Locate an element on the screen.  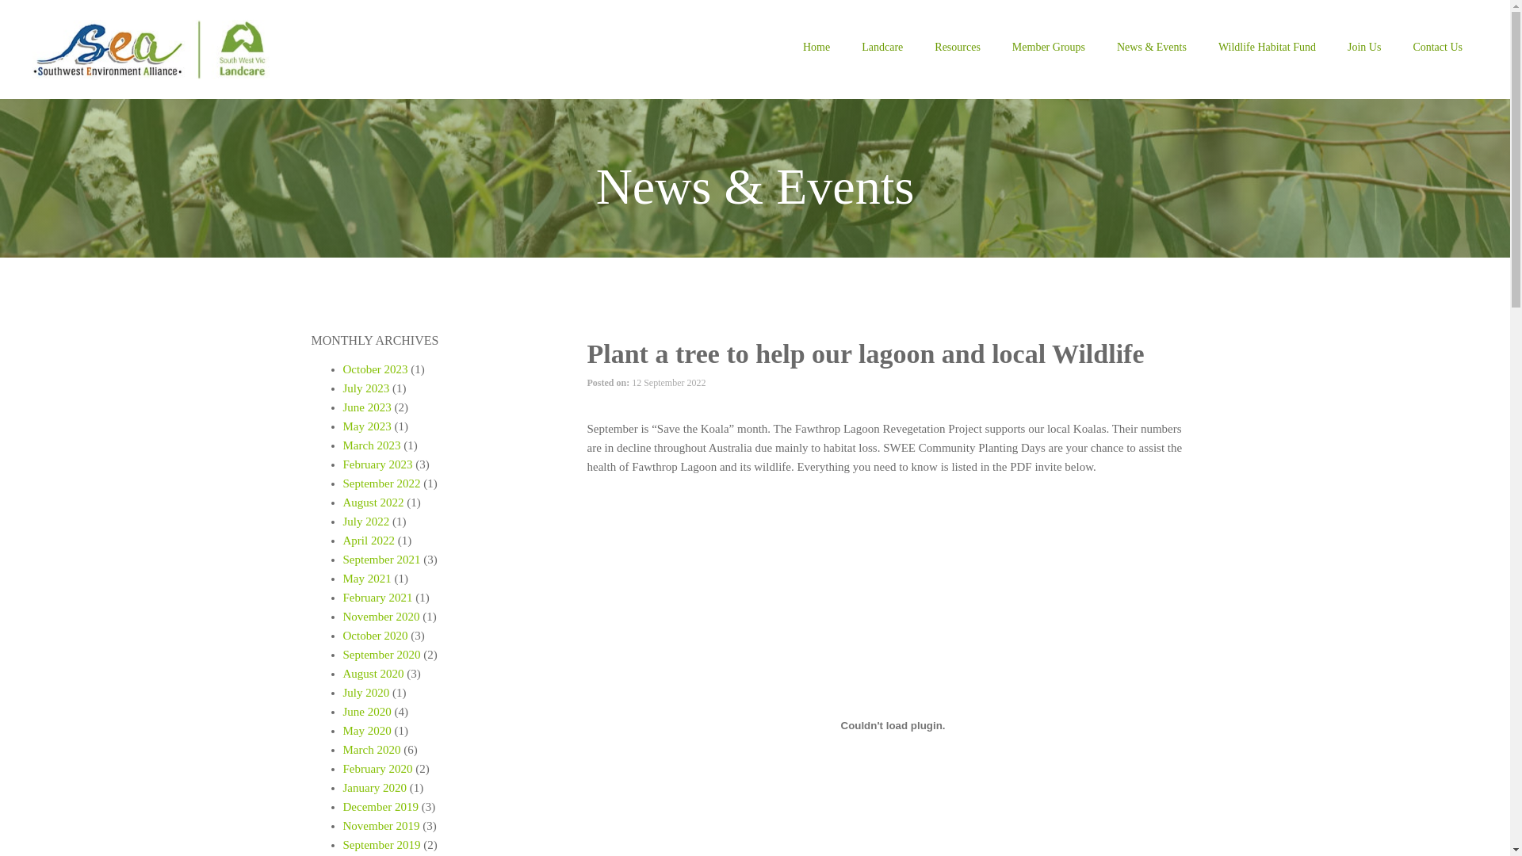
'Wildlife Habitat Fund' is located at coordinates (1202, 48).